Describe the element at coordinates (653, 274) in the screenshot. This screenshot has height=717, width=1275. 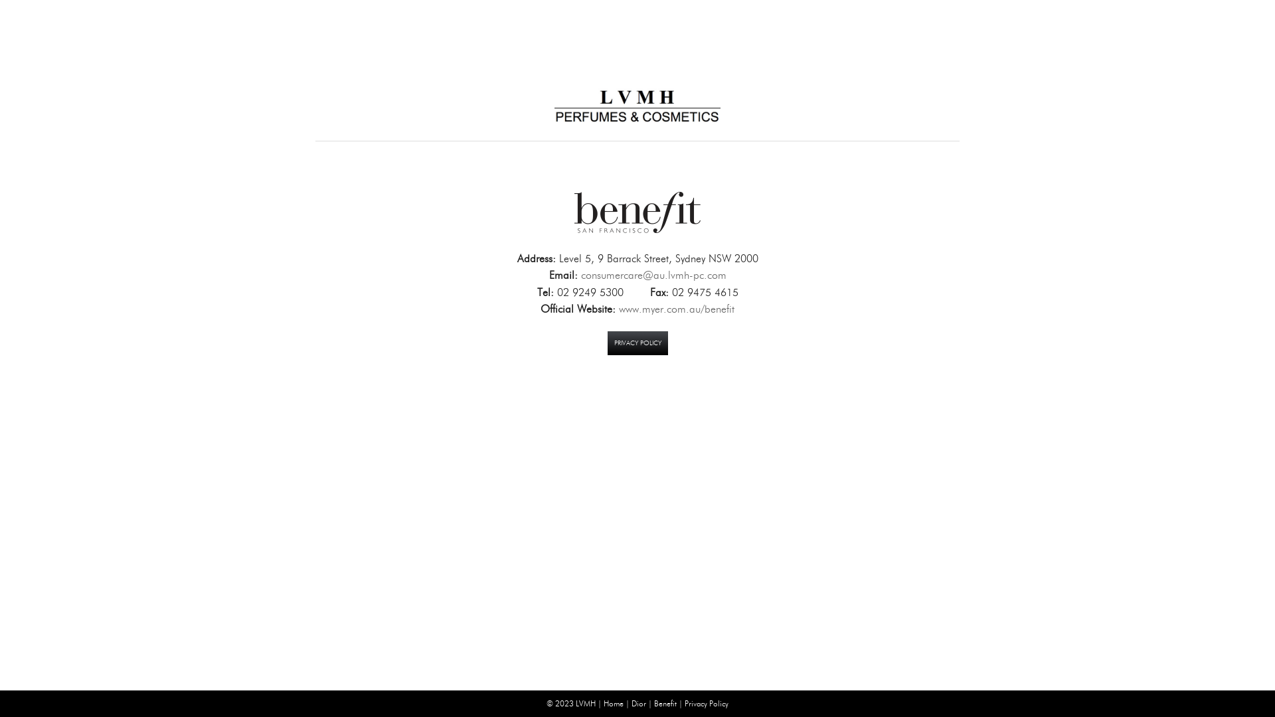
I see `'consumercare@au.lvmh-pc.com'` at that location.